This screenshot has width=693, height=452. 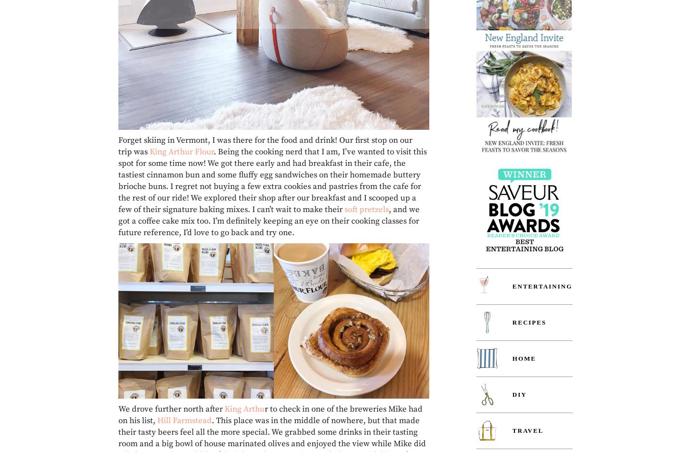 What do you see at coordinates (528, 321) in the screenshot?
I see `'Recipes'` at bounding box center [528, 321].